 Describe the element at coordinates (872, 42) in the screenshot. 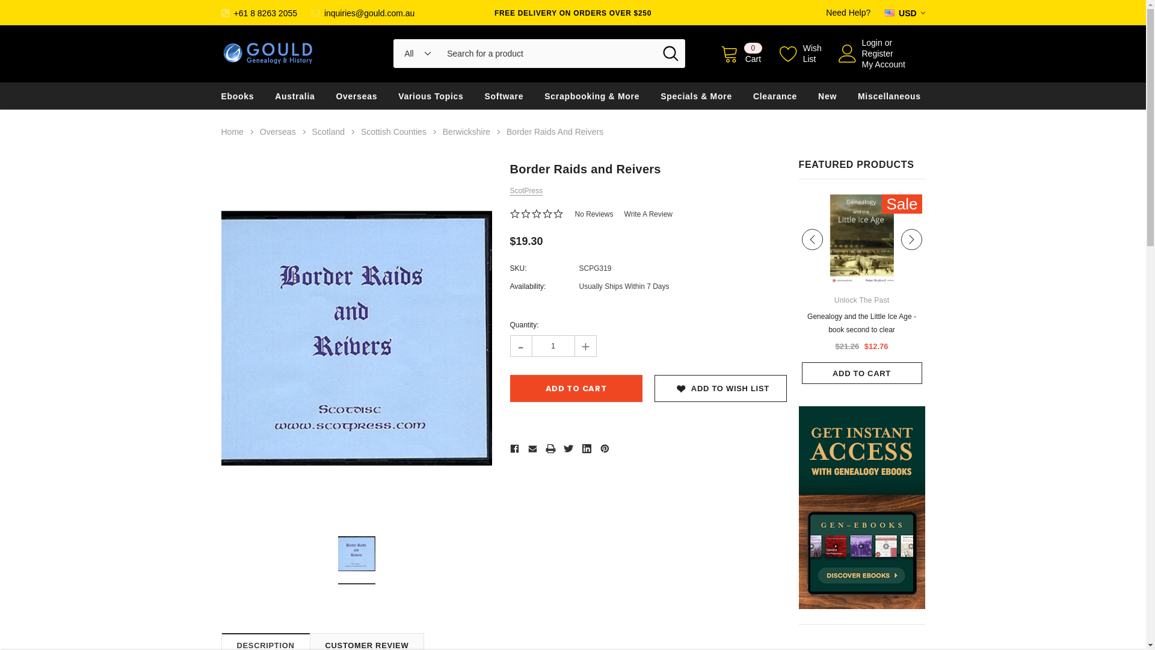

I see `'Login'` at that location.